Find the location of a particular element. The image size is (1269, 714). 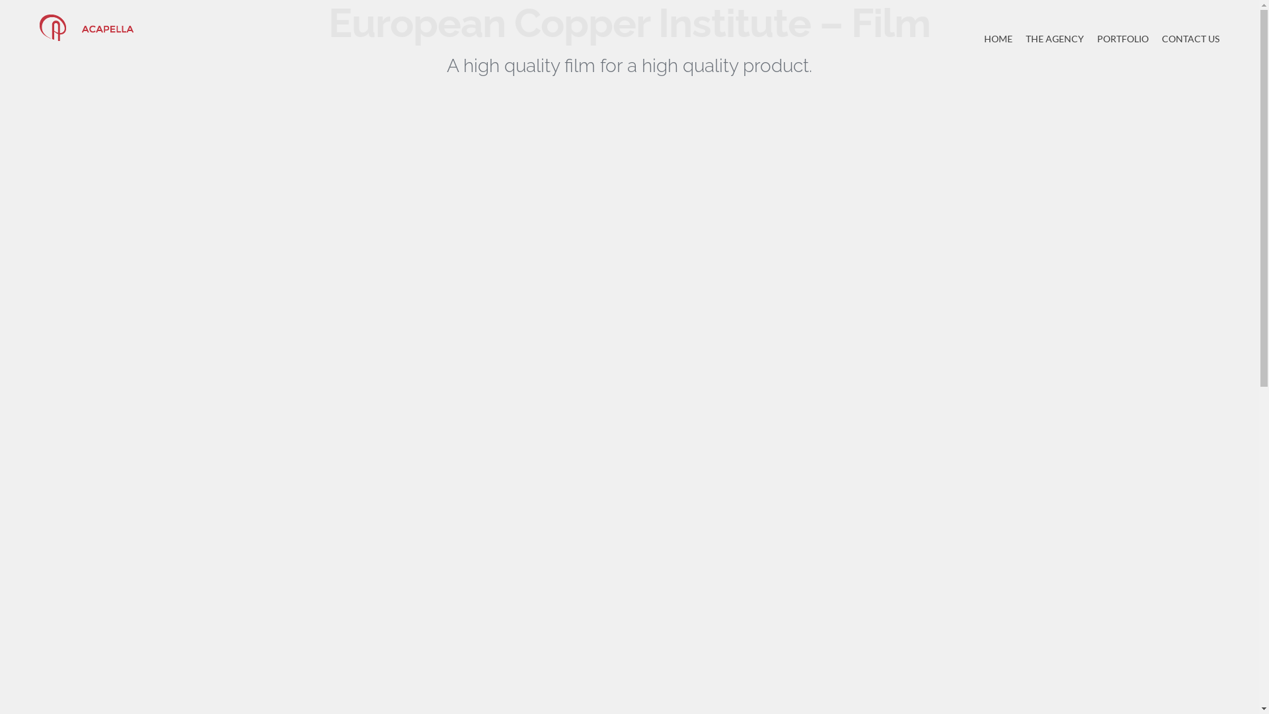

'PORTFOLIO' is located at coordinates (1122, 38).